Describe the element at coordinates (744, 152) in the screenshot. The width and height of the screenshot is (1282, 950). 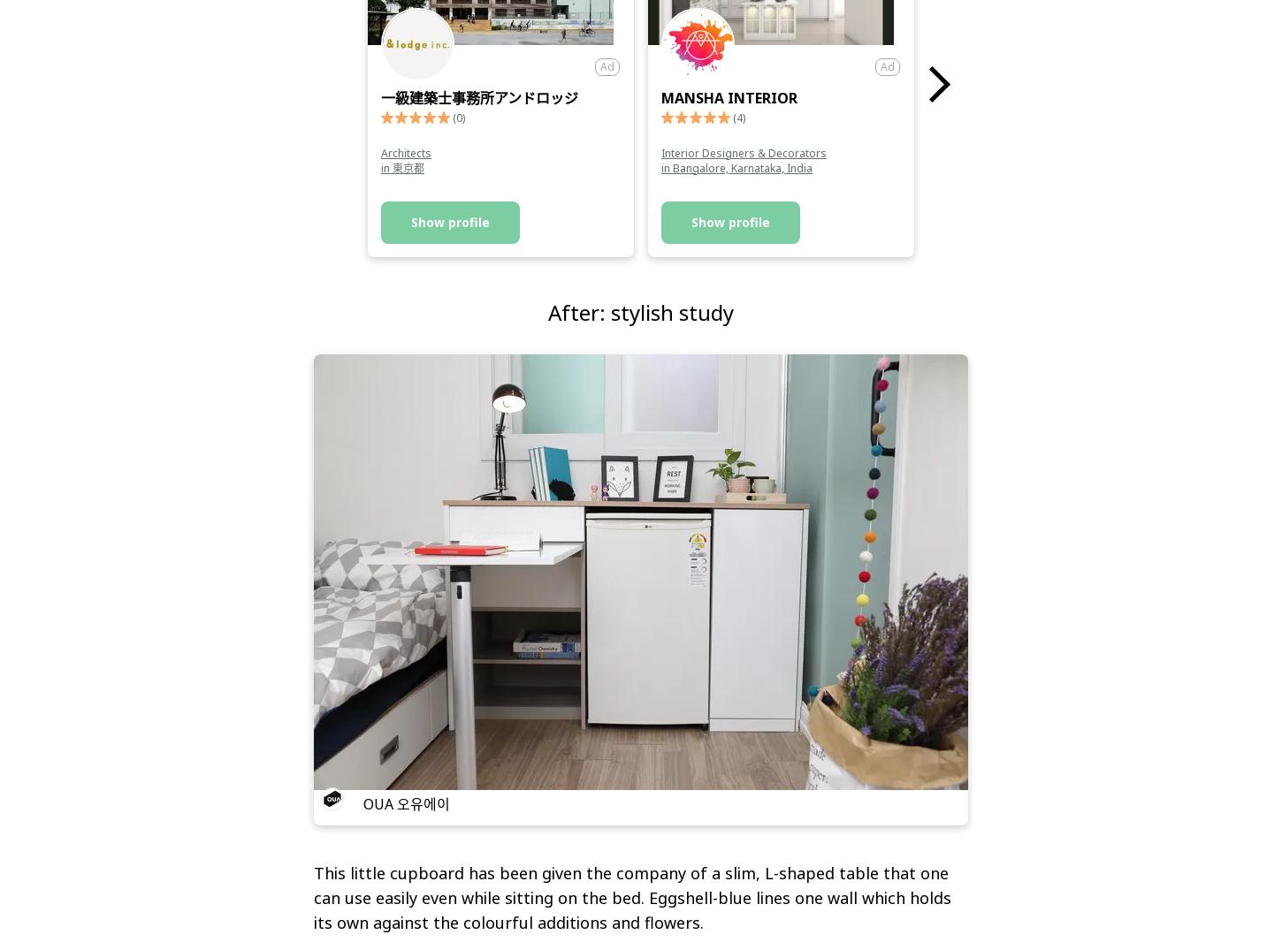
I see `'Interior Designers & Decorators'` at that location.